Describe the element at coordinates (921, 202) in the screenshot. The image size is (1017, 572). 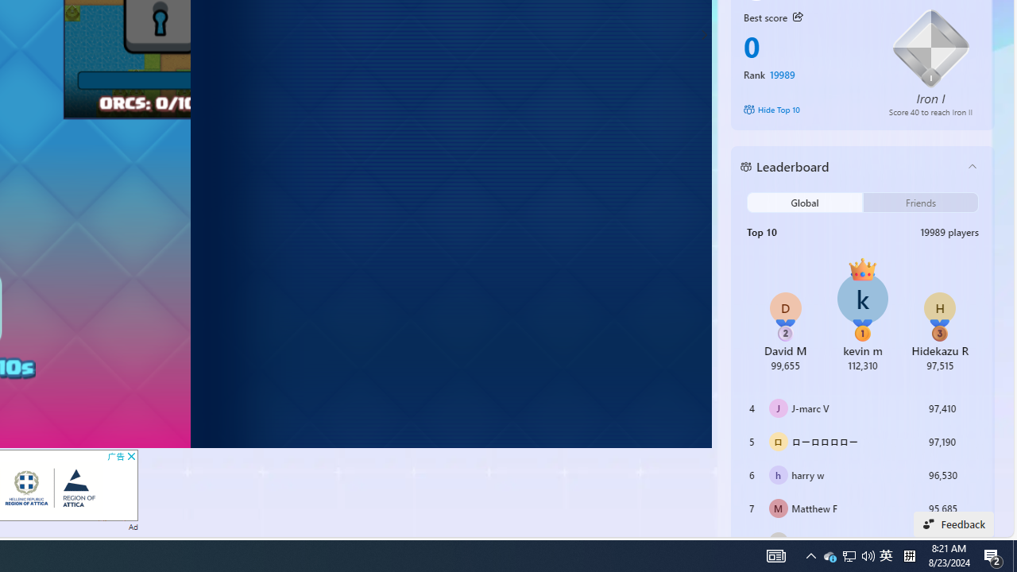
I see `'Friends'` at that location.